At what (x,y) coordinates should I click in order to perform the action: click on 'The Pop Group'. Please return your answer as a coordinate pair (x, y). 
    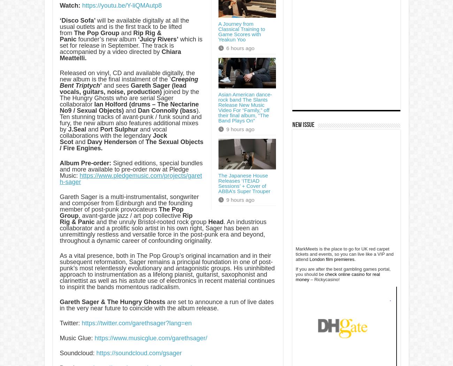
    Looking at the image, I should click on (121, 212).